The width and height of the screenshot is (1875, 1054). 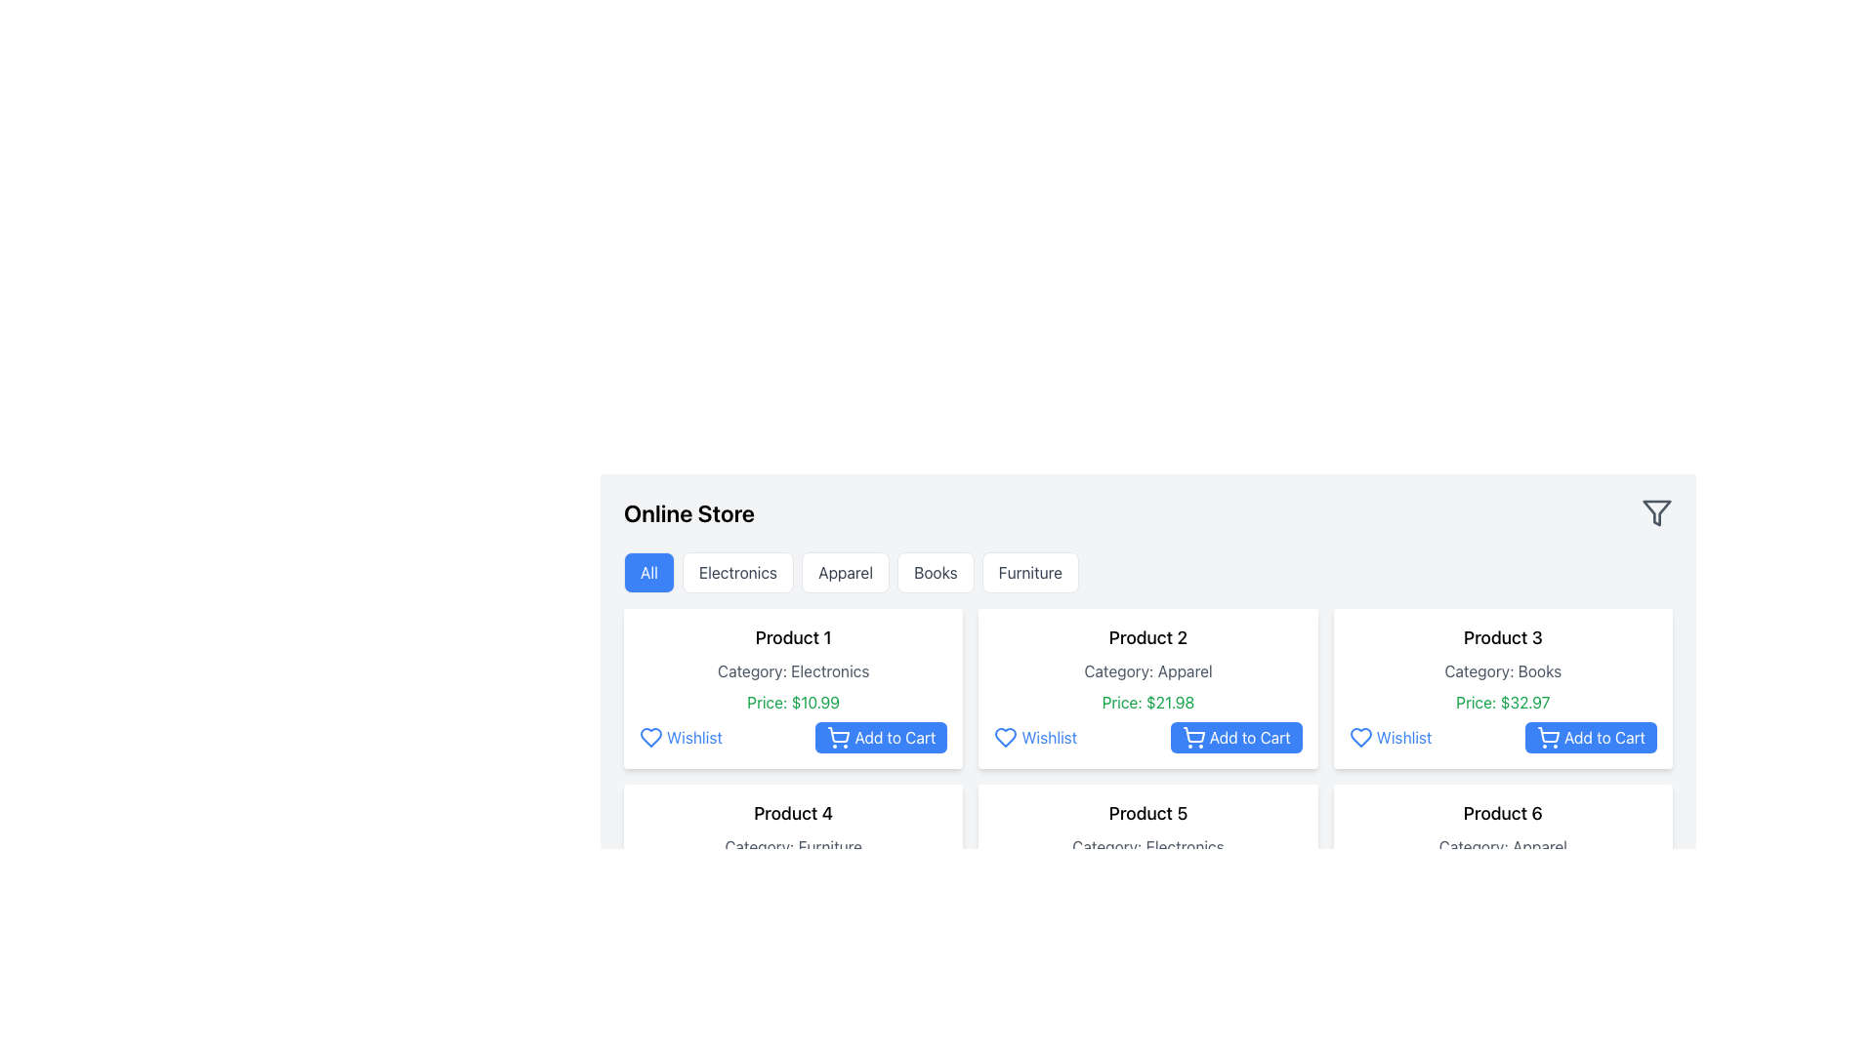 I want to click on the text label 'Product 3', which is a prominent heading in a product card styled with a white background and rounded corners, located in the third column of a grid layout, so click(x=1502, y=638).